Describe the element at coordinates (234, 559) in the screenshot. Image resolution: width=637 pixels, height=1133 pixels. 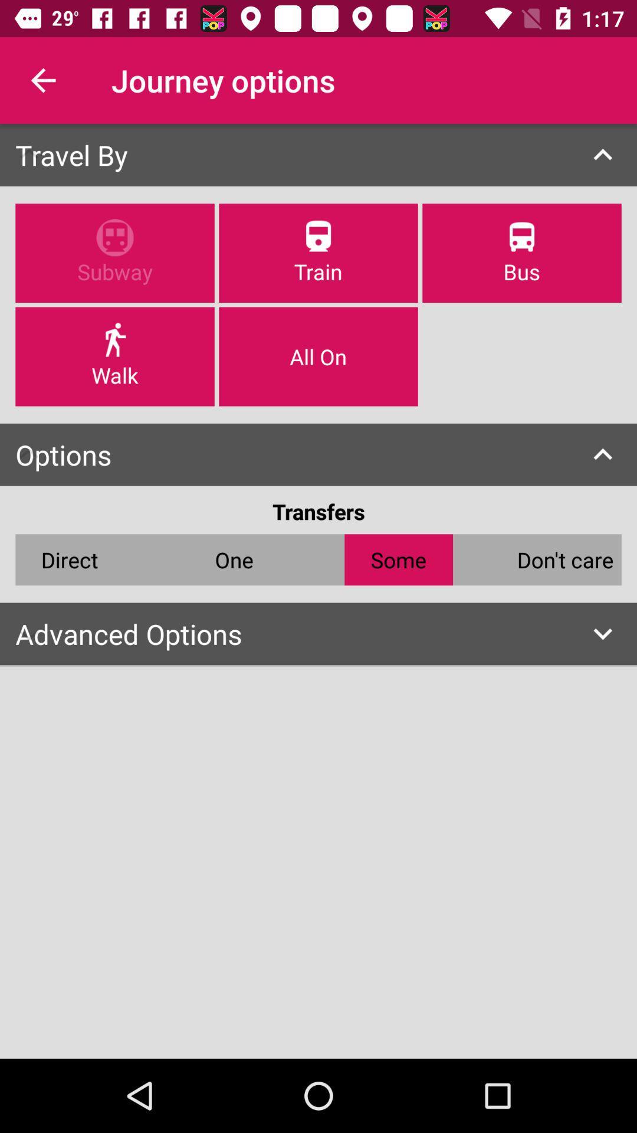
I see `the icon above the advanced options icon` at that location.